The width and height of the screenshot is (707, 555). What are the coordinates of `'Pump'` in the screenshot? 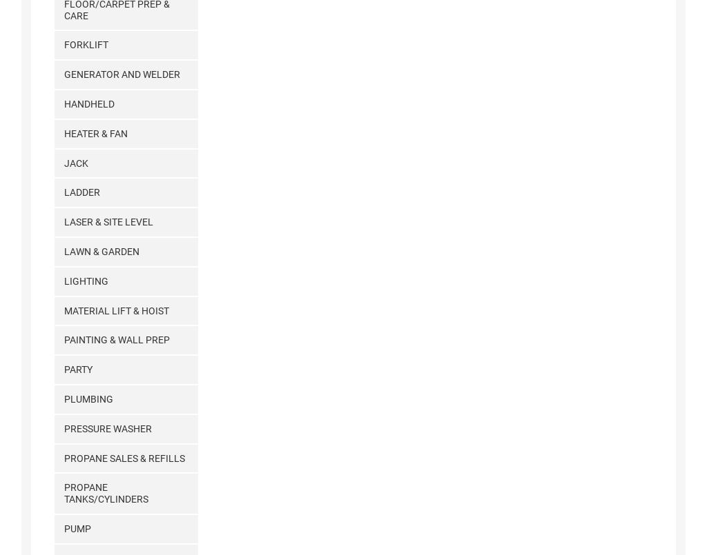 It's located at (63, 527).